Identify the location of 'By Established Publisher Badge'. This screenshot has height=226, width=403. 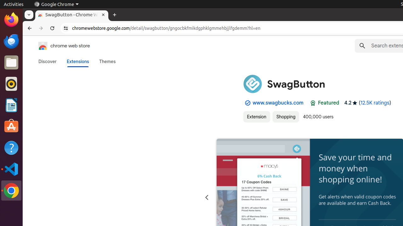
(247, 103).